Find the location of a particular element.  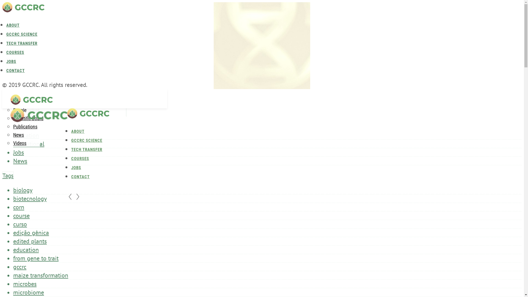

'Scientific Board' is located at coordinates (28, 118).